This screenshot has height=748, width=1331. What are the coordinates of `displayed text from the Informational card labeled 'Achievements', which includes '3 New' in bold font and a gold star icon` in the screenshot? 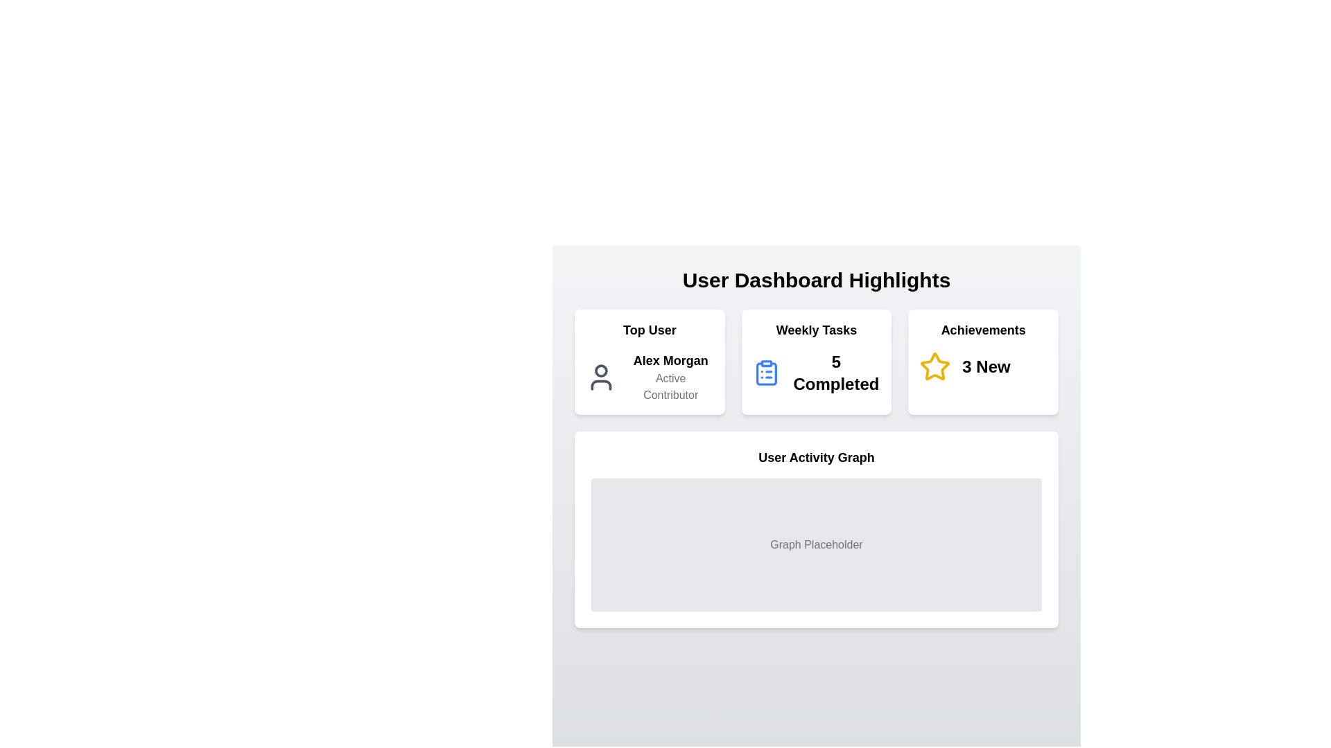 It's located at (982, 362).